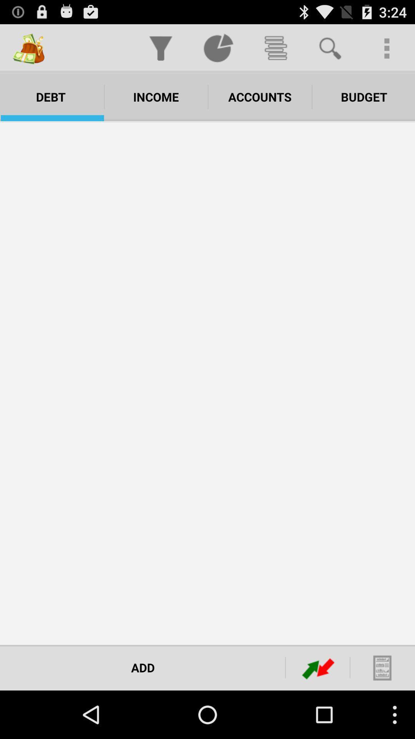 The image size is (415, 739). I want to click on the swap icon, so click(318, 714).